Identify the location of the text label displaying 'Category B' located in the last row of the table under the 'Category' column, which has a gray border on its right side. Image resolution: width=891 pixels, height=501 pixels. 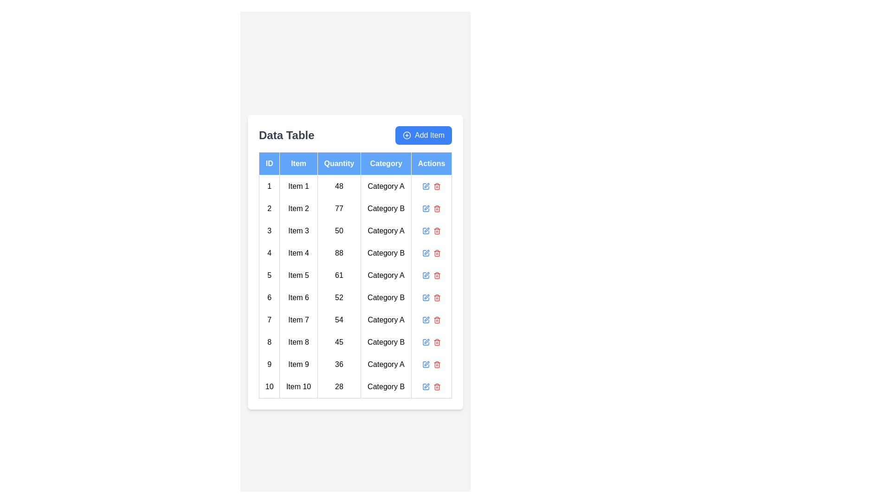
(386, 386).